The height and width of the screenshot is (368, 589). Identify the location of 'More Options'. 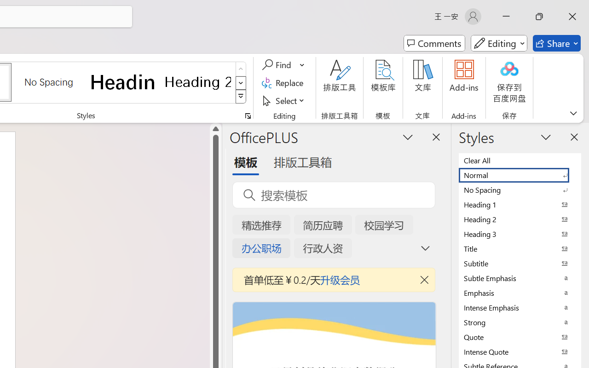
(302, 65).